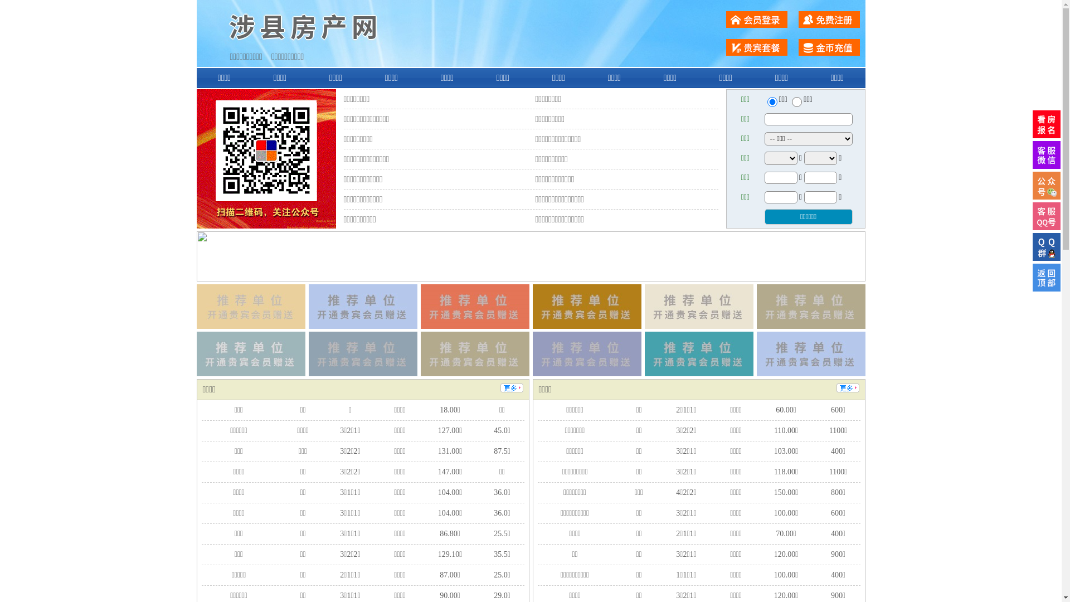  What do you see at coordinates (796, 101) in the screenshot?
I see `'chuzu'` at bounding box center [796, 101].